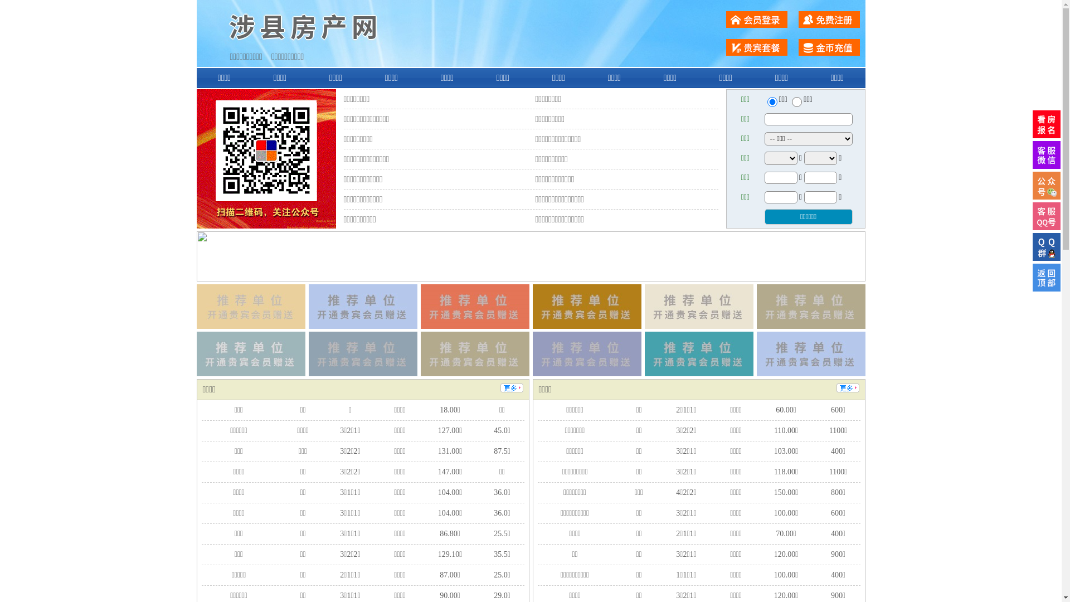  What do you see at coordinates (796, 101) in the screenshot?
I see `'chuzu'` at bounding box center [796, 101].